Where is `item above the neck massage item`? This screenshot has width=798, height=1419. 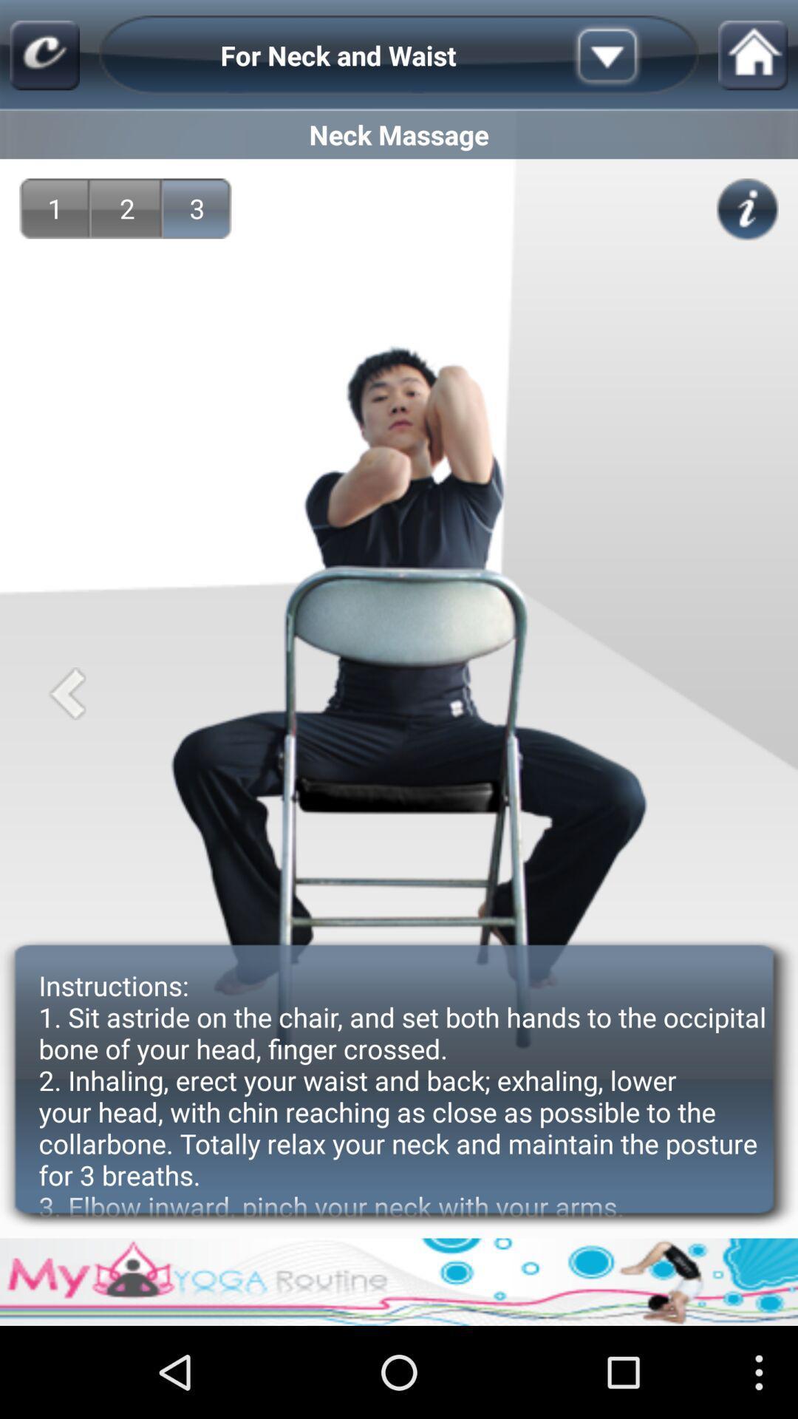
item above the neck massage item is located at coordinates (44, 55).